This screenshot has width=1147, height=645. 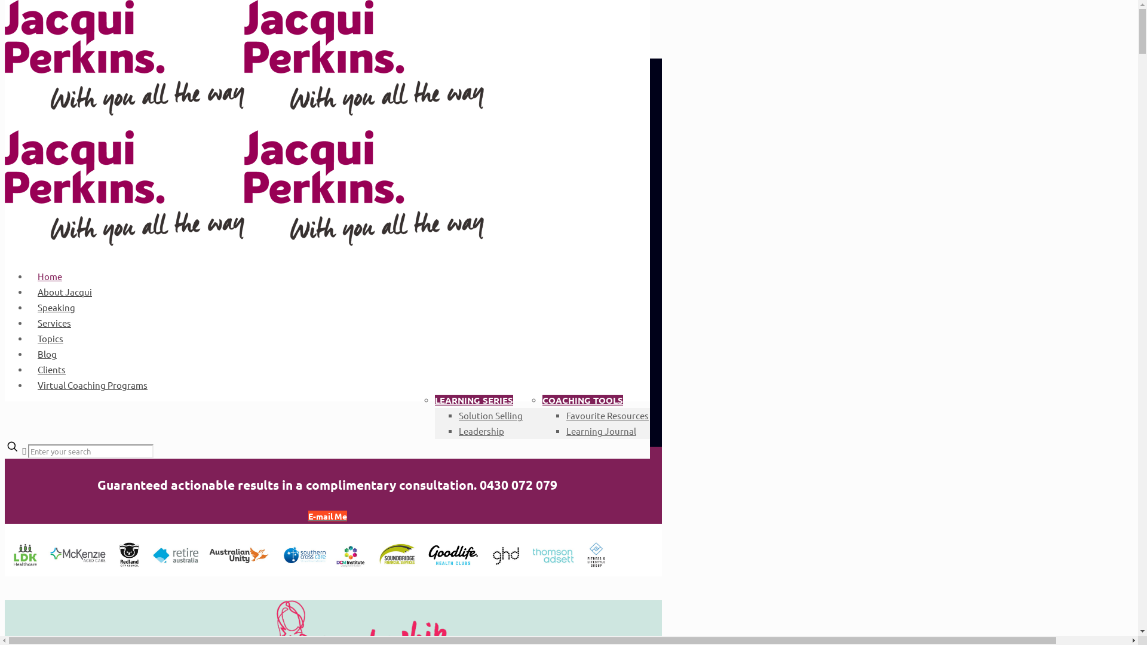 What do you see at coordinates (50, 338) in the screenshot?
I see `'Topics'` at bounding box center [50, 338].